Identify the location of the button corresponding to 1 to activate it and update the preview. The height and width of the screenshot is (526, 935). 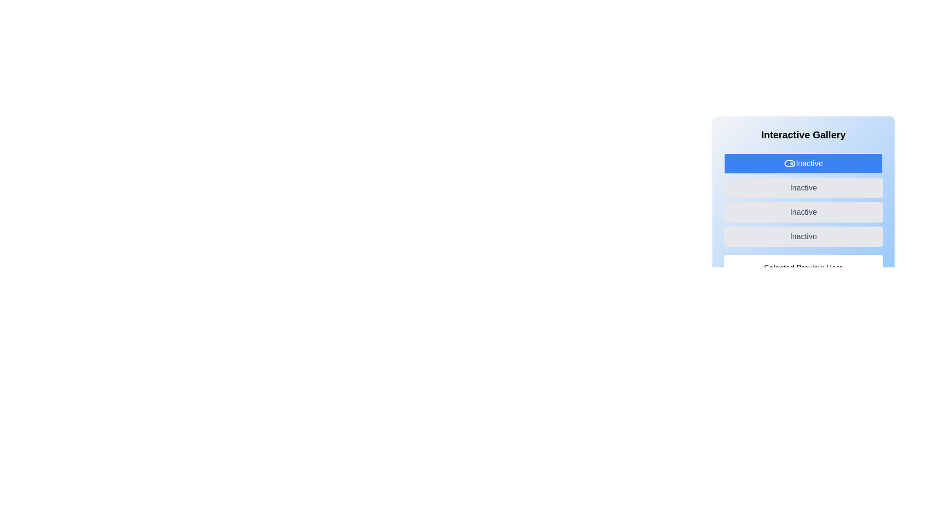
(804, 188).